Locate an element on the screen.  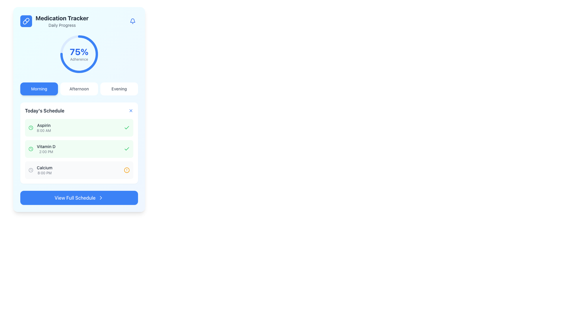
the second listed medication entry in 'Today's Schedule', which is a static text label displaying the name and time of administration, located between 'Aspirin' above and 'Calcium' below is located at coordinates (46, 148).